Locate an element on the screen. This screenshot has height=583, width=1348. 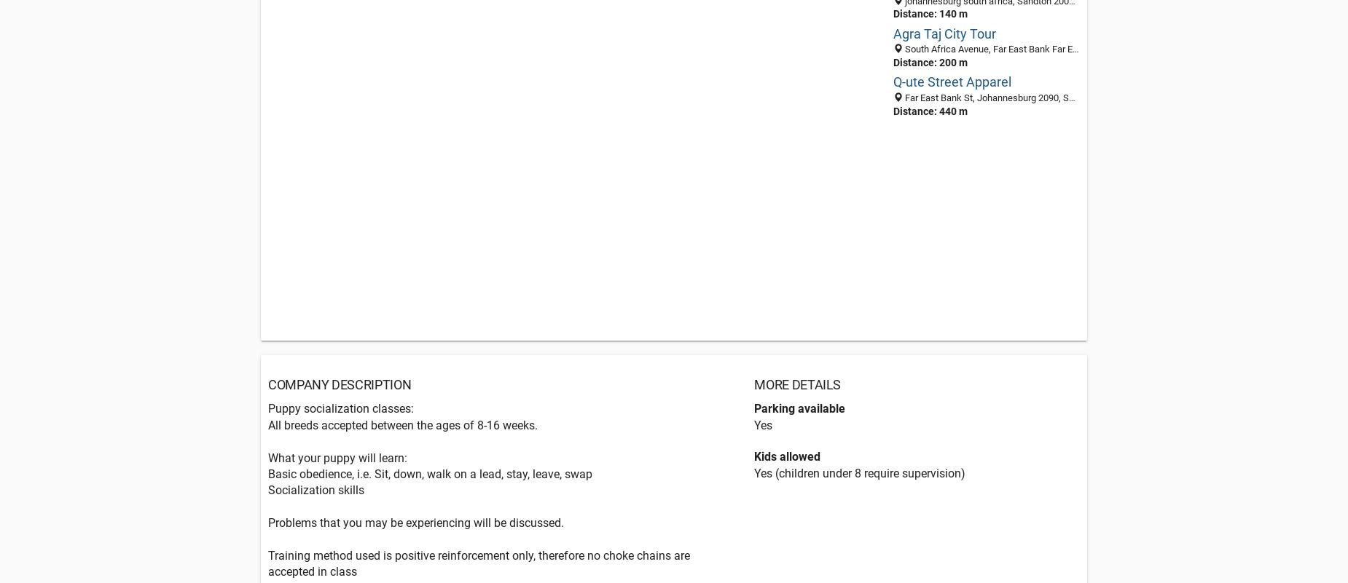
'Training method used is positive reinforcement only, therefore no choke chains are accepted in class' is located at coordinates (479, 563).